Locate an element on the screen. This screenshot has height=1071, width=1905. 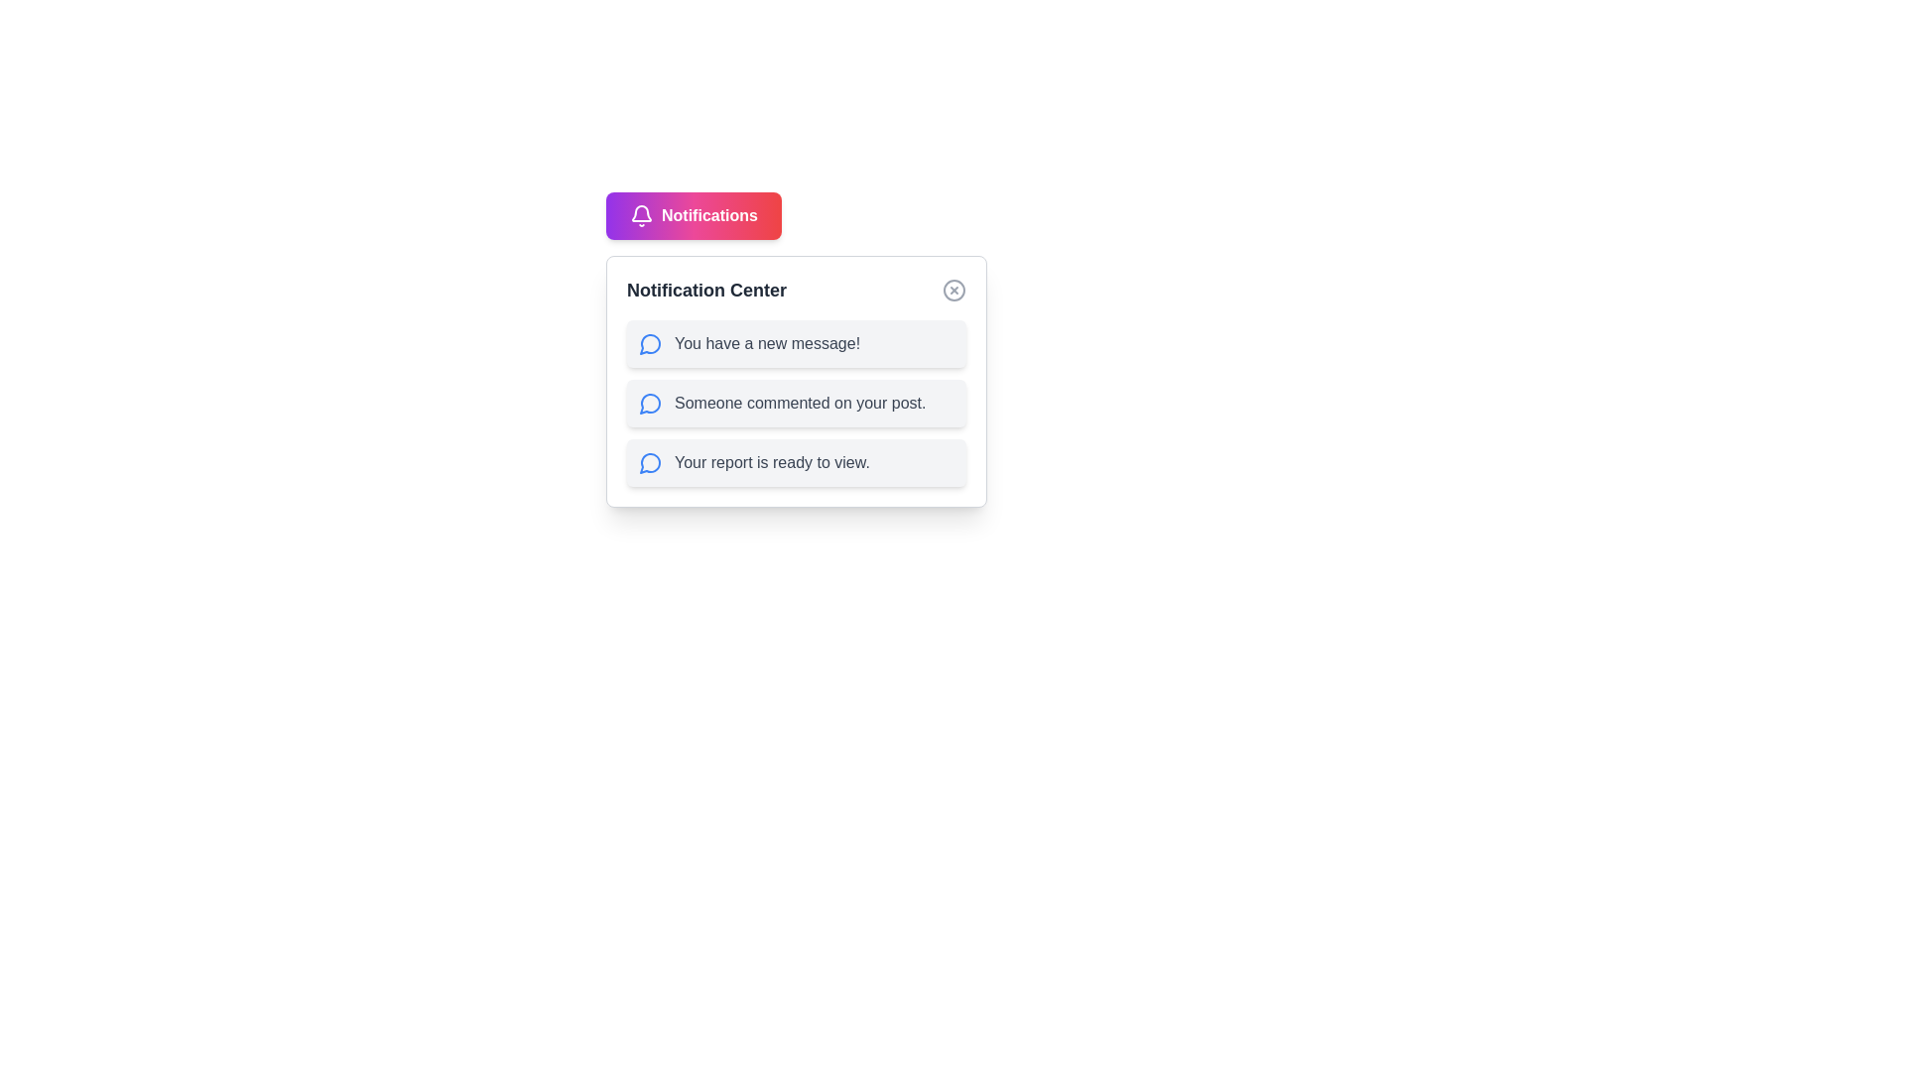
the center of the close button located at the far right side of the 'Notification Center' header is located at coordinates (953, 291).